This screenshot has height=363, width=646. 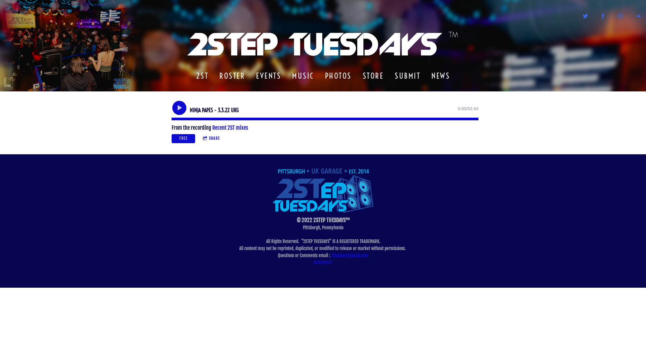 I want to click on 'STORE', so click(x=372, y=75).